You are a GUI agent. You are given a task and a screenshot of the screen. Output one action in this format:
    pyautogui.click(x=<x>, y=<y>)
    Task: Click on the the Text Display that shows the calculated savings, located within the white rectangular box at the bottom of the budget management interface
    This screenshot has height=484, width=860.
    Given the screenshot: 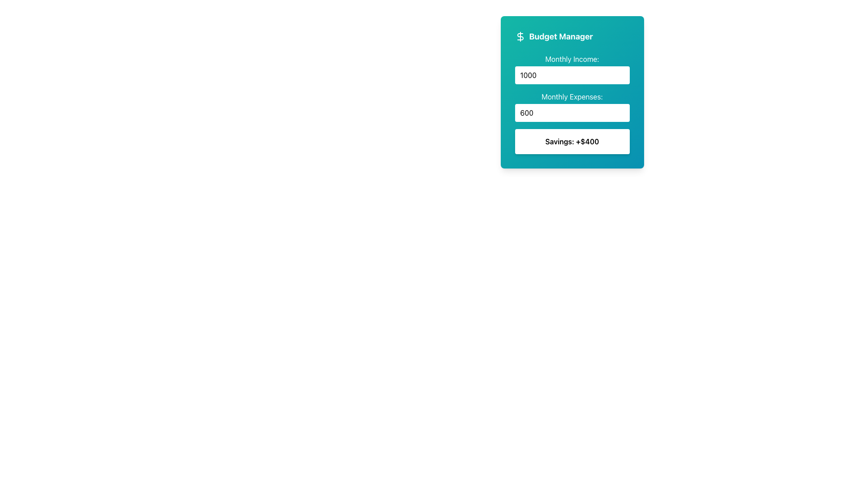 What is the action you would take?
    pyautogui.click(x=572, y=141)
    